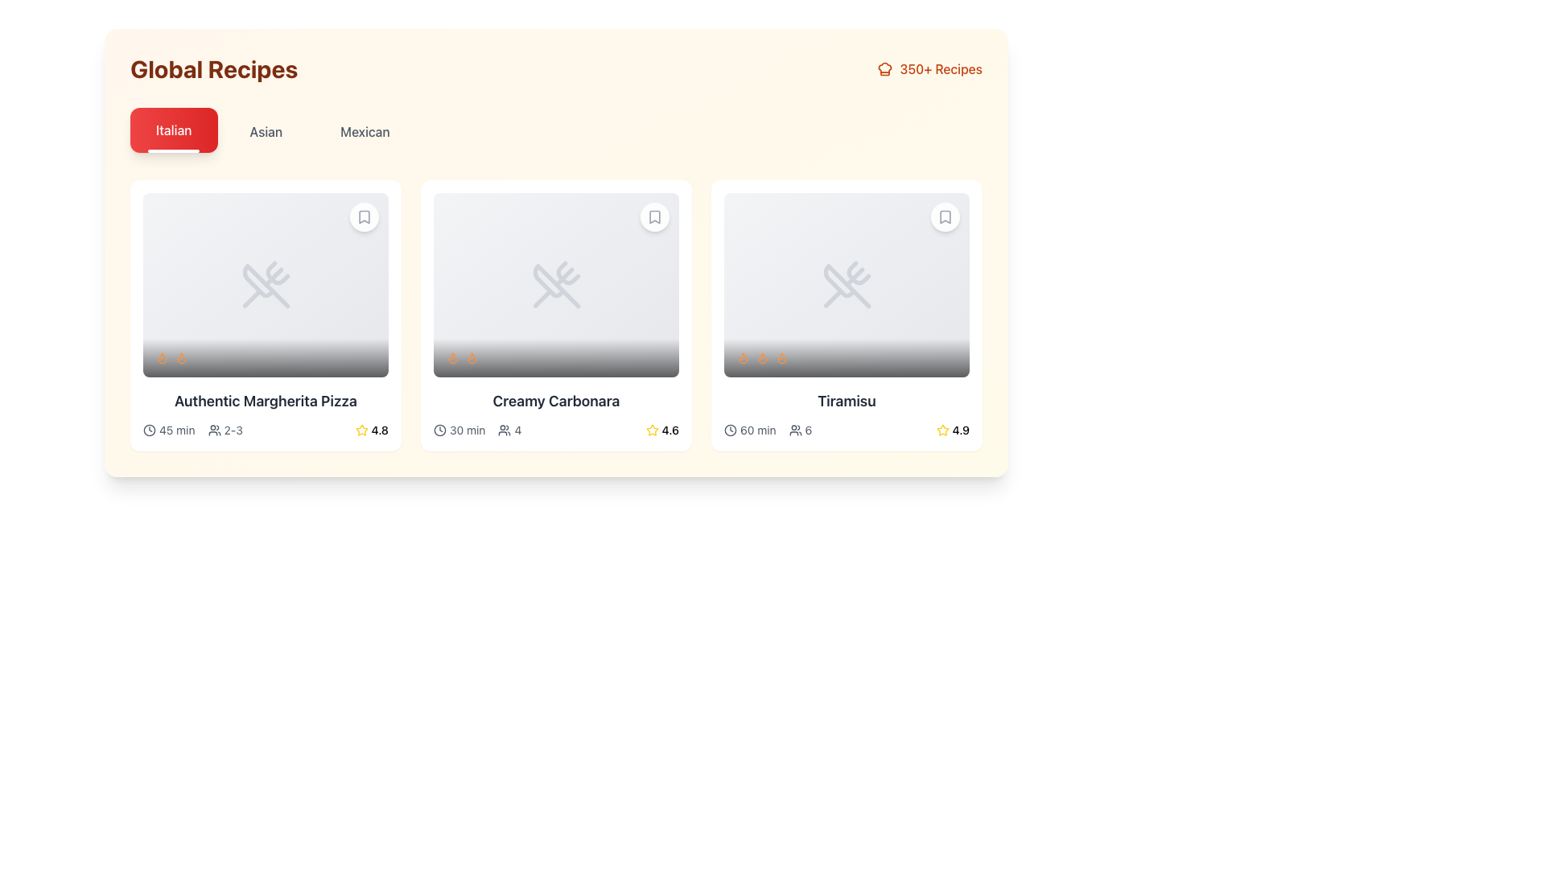 This screenshot has height=869, width=1545. What do you see at coordinates (884, 68) in the screenshot?
I see `the chef hat icon located in the top-right corner of the interface, adjacent to the '350+ Recipes' text` at bounding box center [884, 68].